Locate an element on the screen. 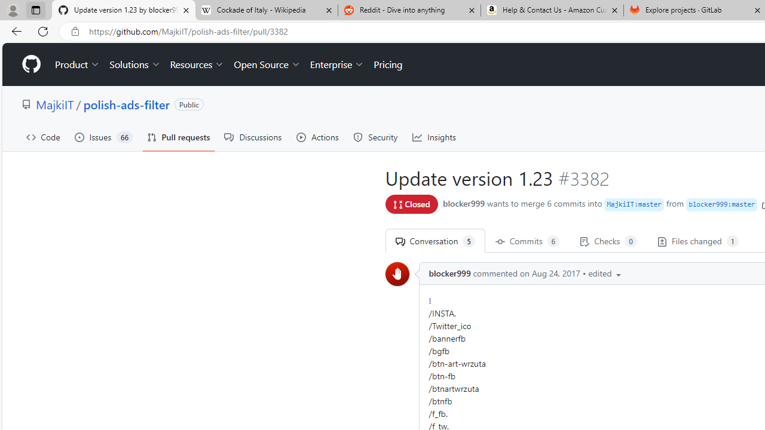  'MajkiIT' is located at coordinates (54, 103).